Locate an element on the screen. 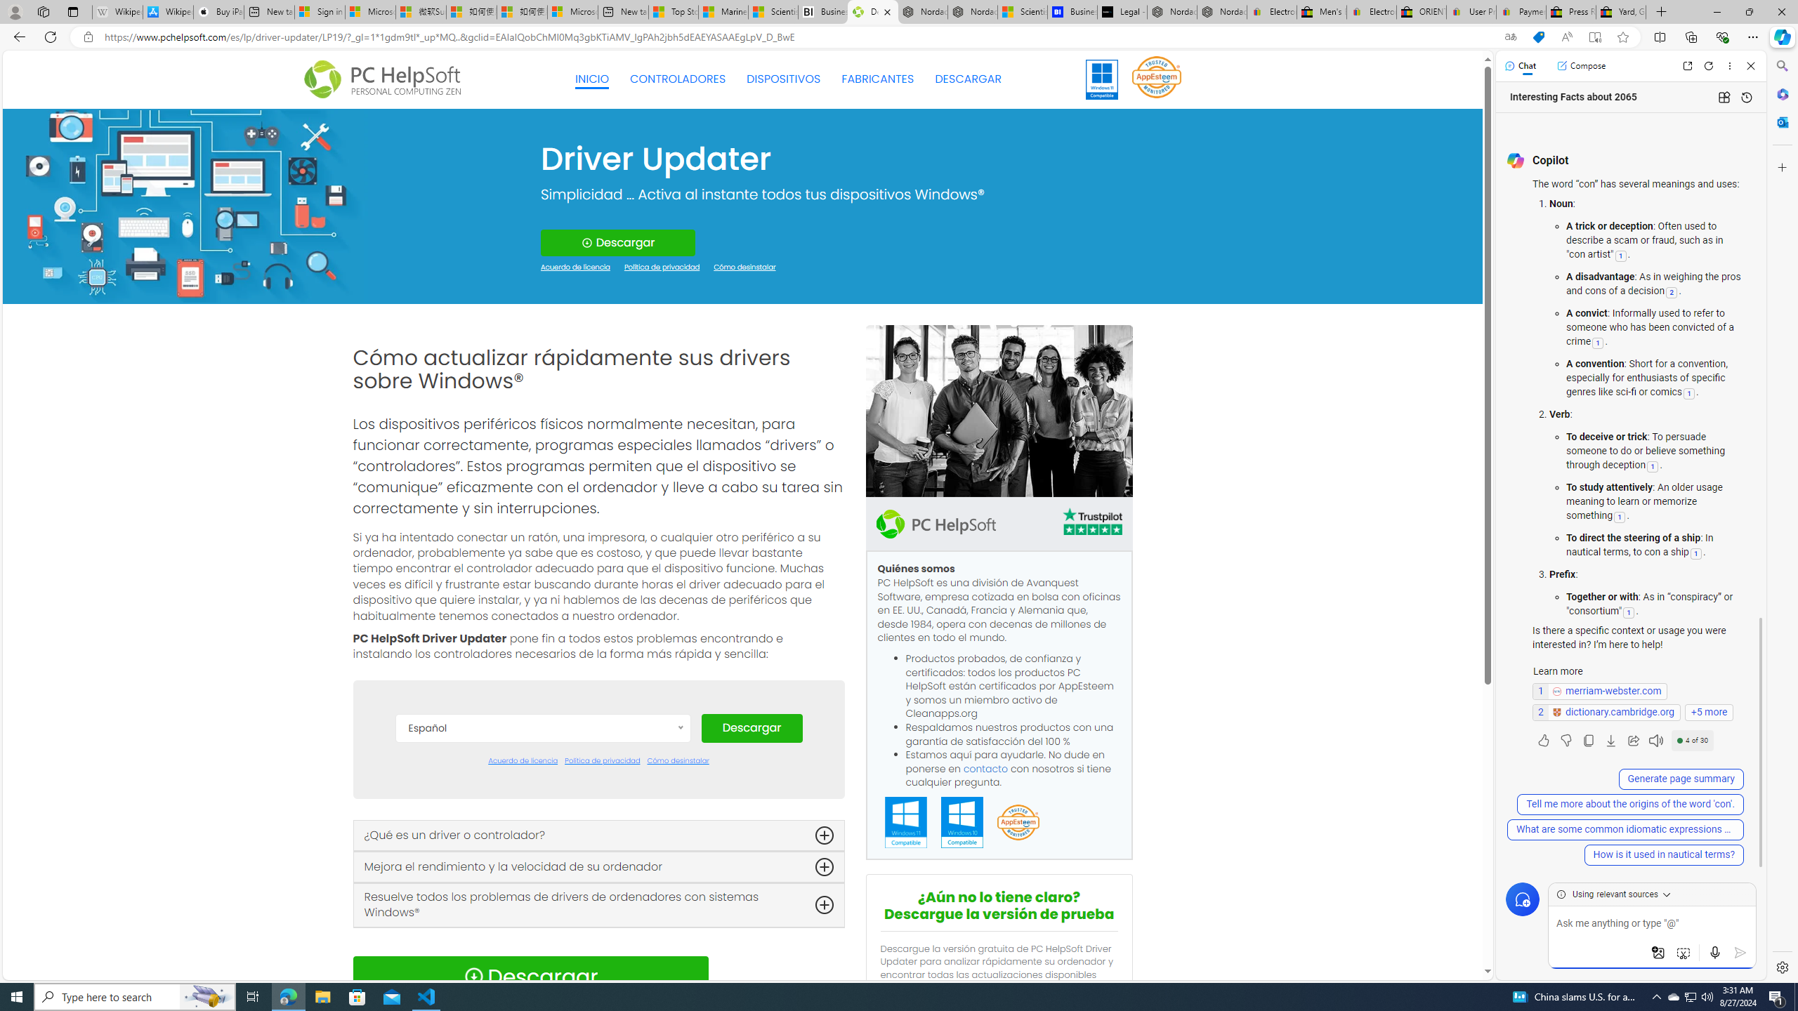 The width and height of the screenshot is (1798, 1011). 'TrustPilot' is located at coordinates (1091, 524).